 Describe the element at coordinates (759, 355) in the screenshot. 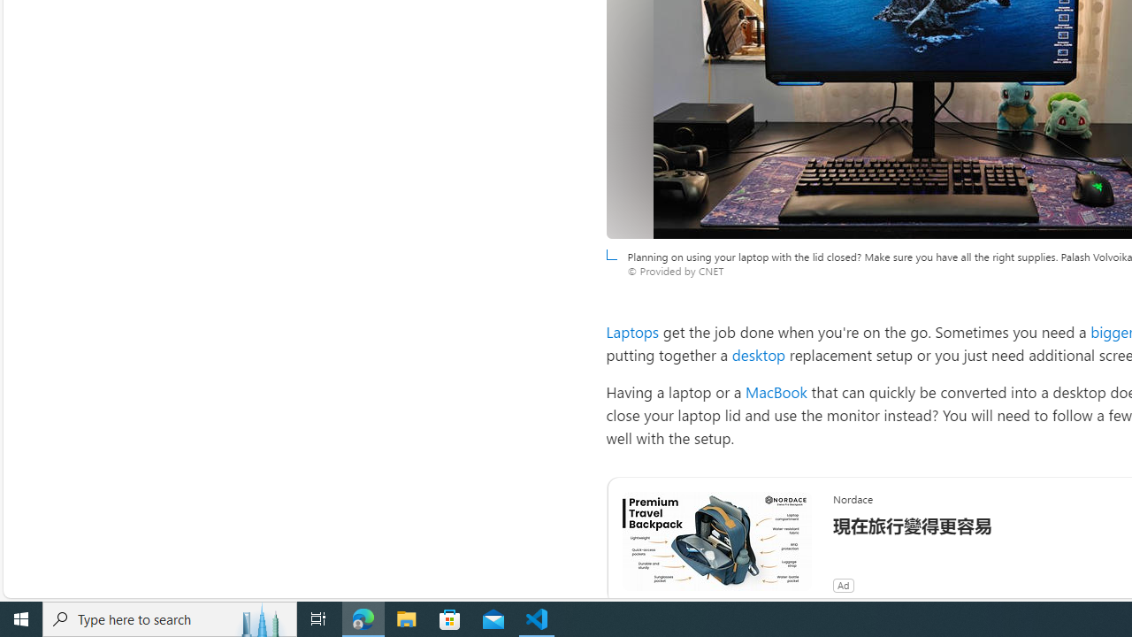

I see `'desktop'` at that location.